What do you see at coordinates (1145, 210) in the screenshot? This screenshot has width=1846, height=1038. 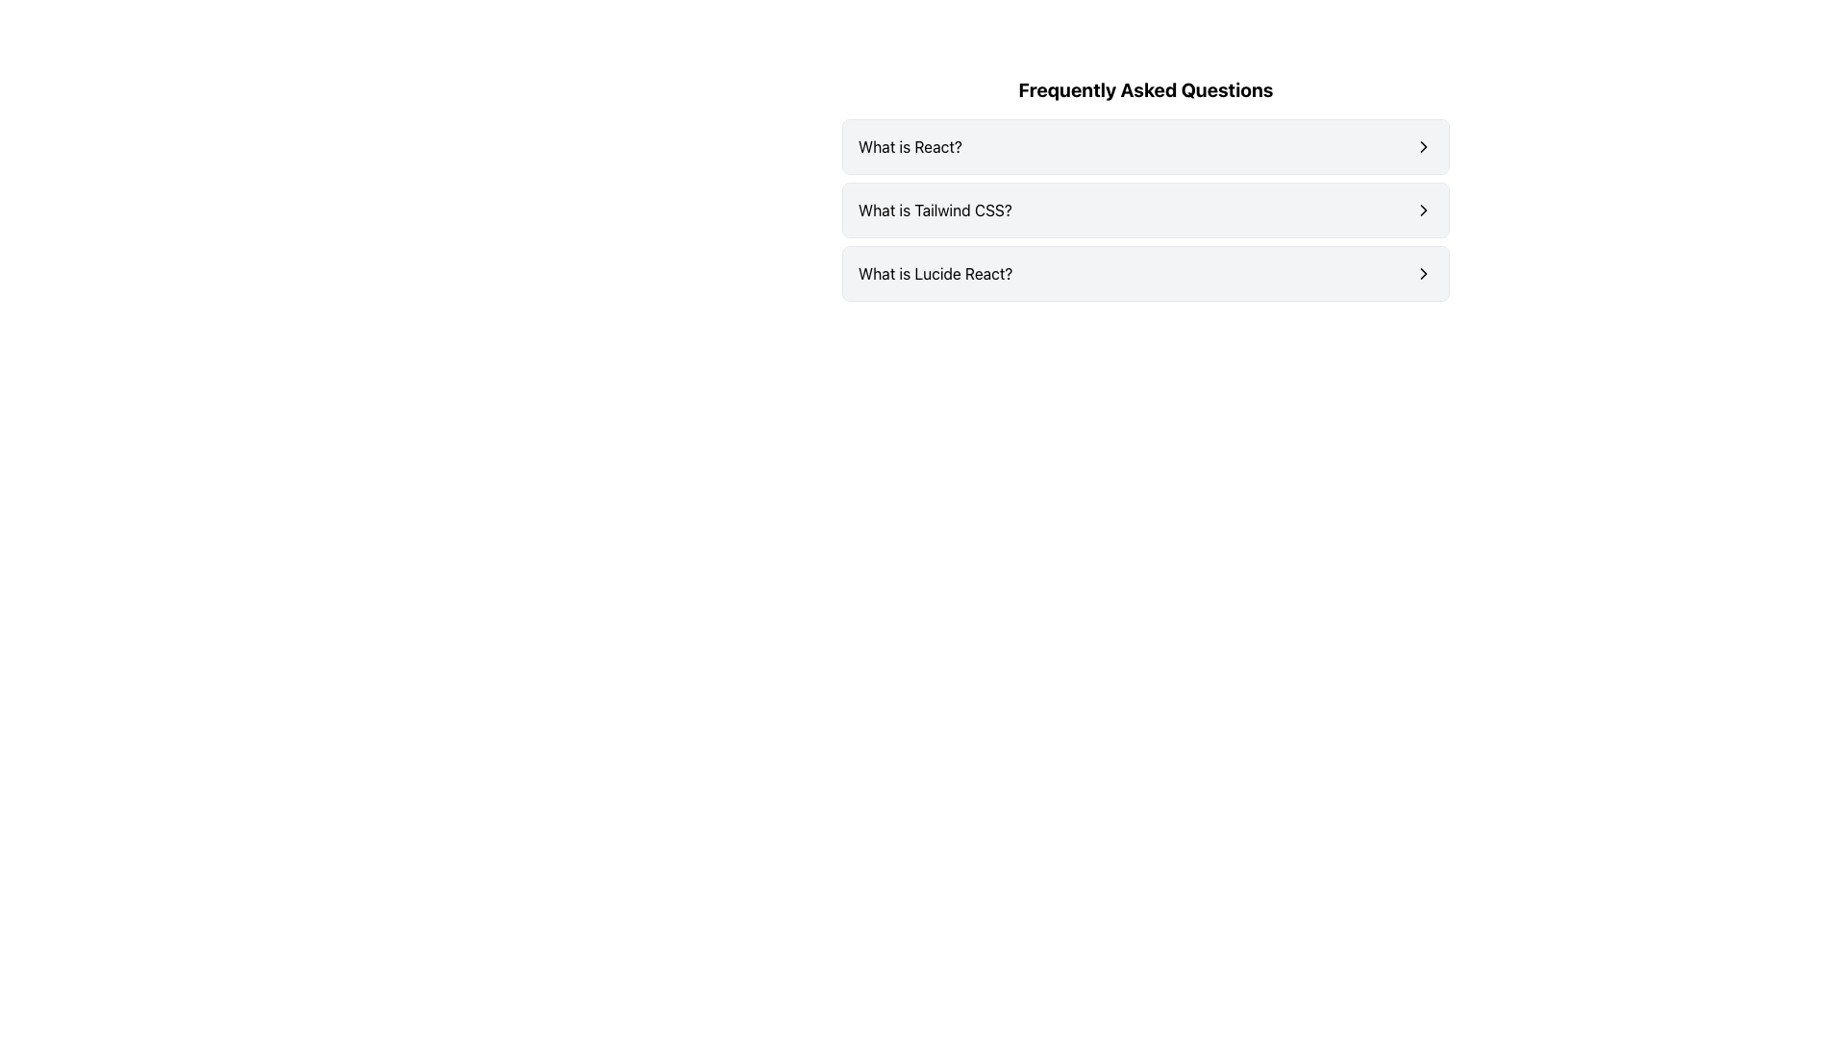 I see `the second button` at bounding box center [1145, 210].